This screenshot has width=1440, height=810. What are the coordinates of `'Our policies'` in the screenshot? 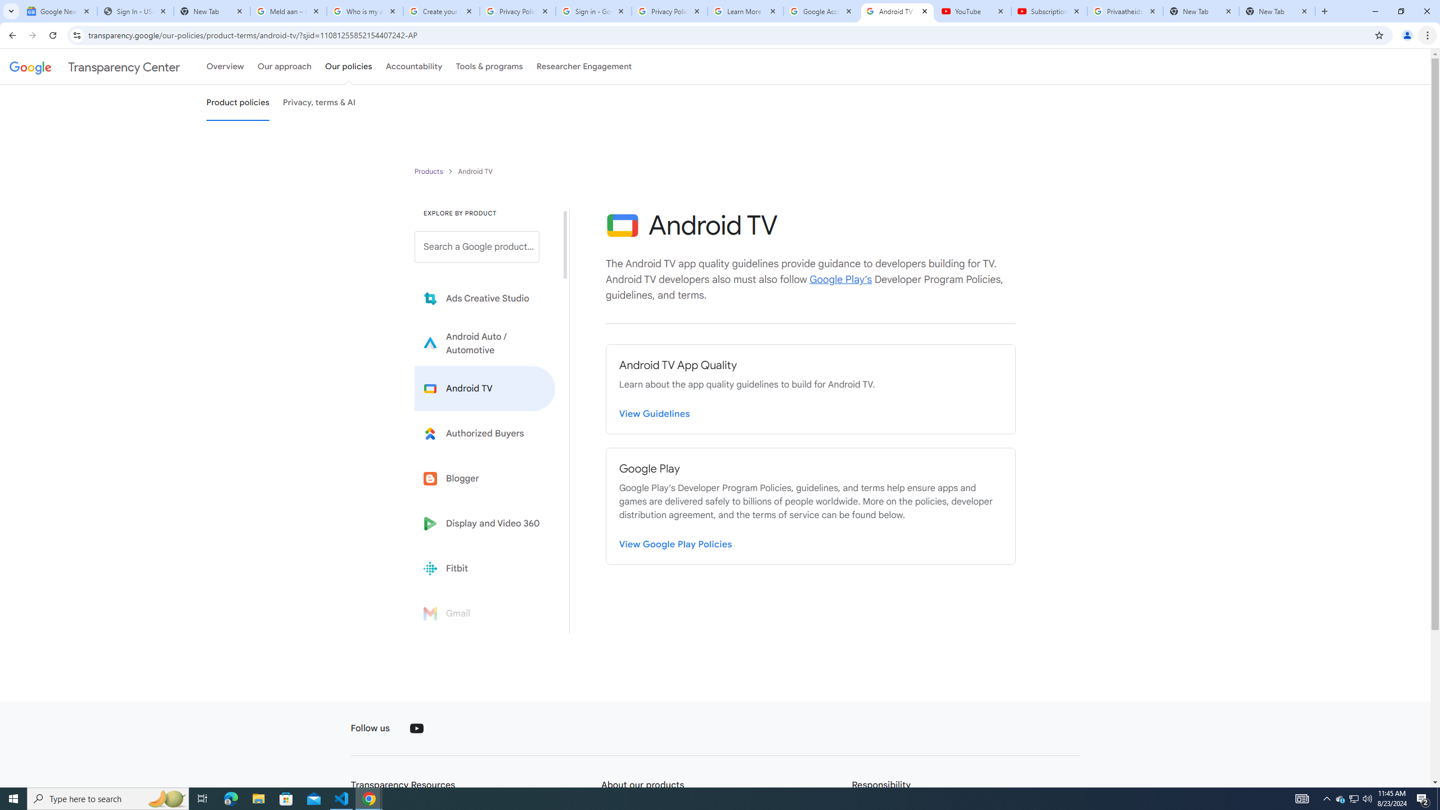 It's located at (348, 66).